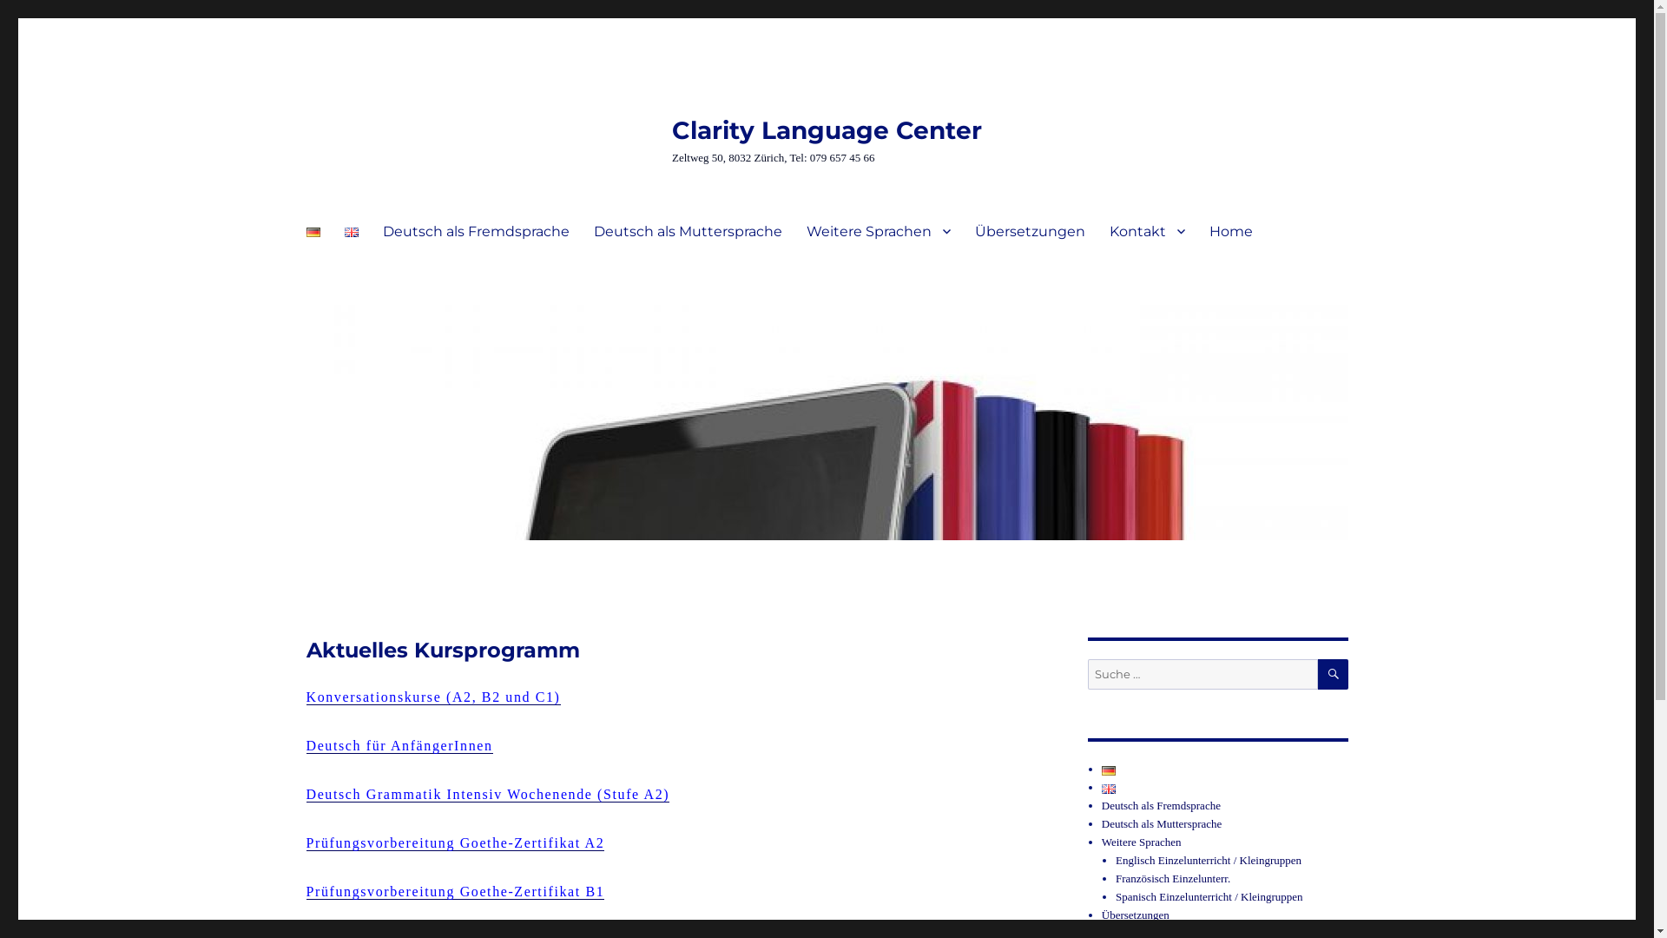 This screenshot has width=1667, height=938. I want to click on 'Englisch Einzelunterricht / Kleingruppen', so click(1208, 860).